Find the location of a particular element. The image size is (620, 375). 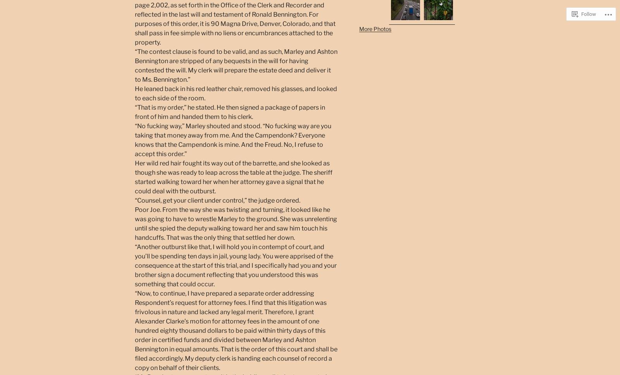

'“Counsel, get your client under control,” the judge ordered.' is located at coordinates (135, 200).